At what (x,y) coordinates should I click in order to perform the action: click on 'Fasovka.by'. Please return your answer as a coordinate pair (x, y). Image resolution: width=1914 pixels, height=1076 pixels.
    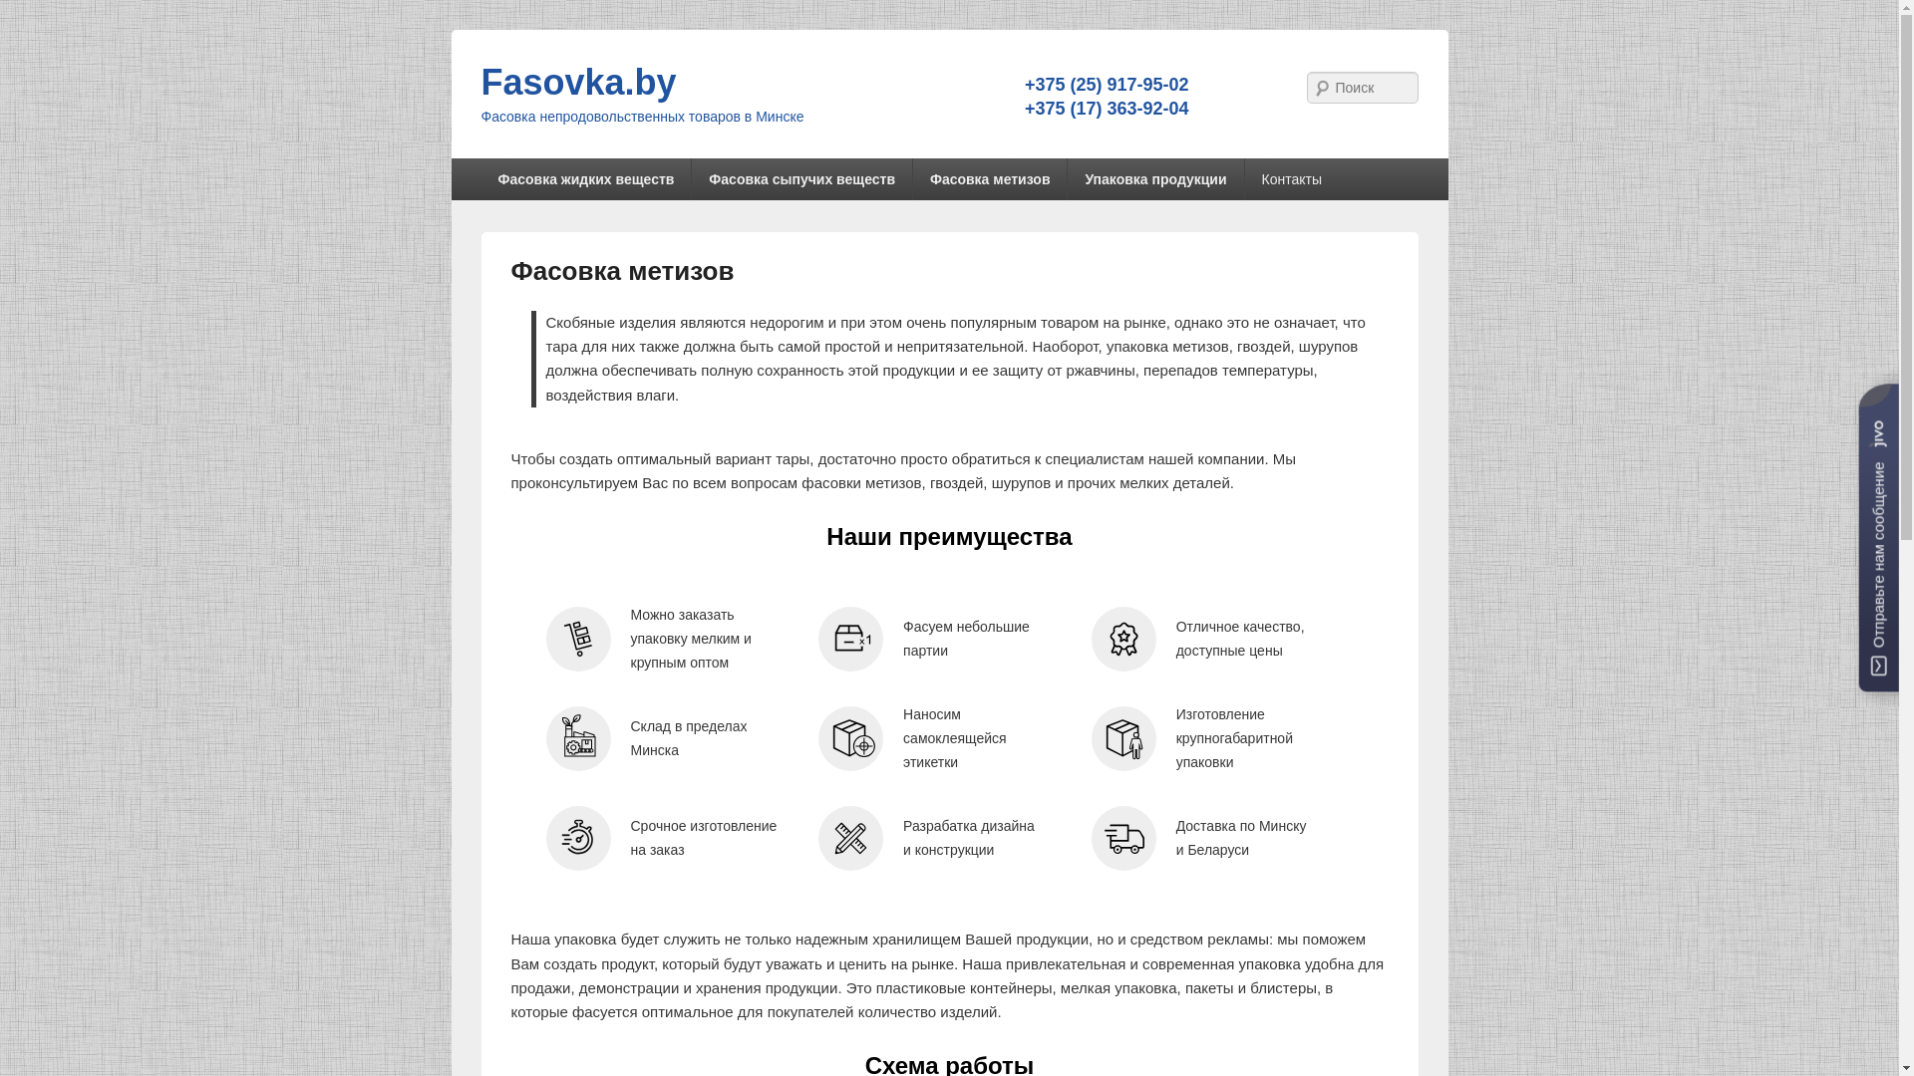
    Looking at the image, I should click on (479, 81).